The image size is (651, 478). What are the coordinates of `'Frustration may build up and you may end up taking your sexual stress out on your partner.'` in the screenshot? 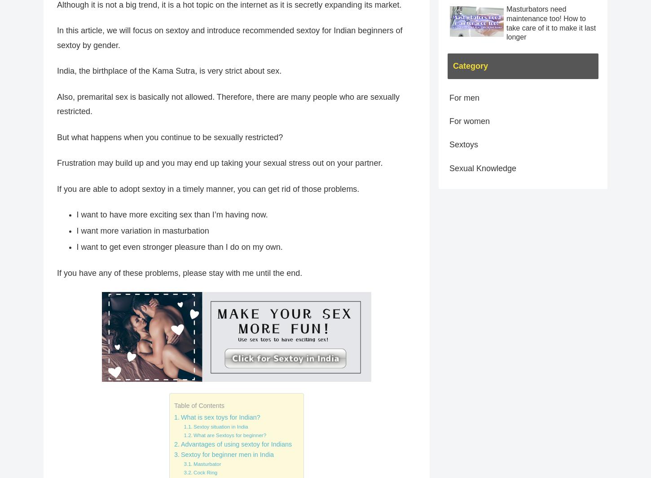 It's located at (220, 163).